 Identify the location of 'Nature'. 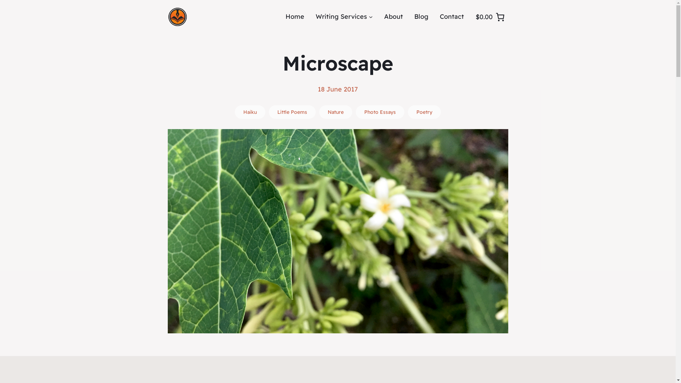
(335, 112).